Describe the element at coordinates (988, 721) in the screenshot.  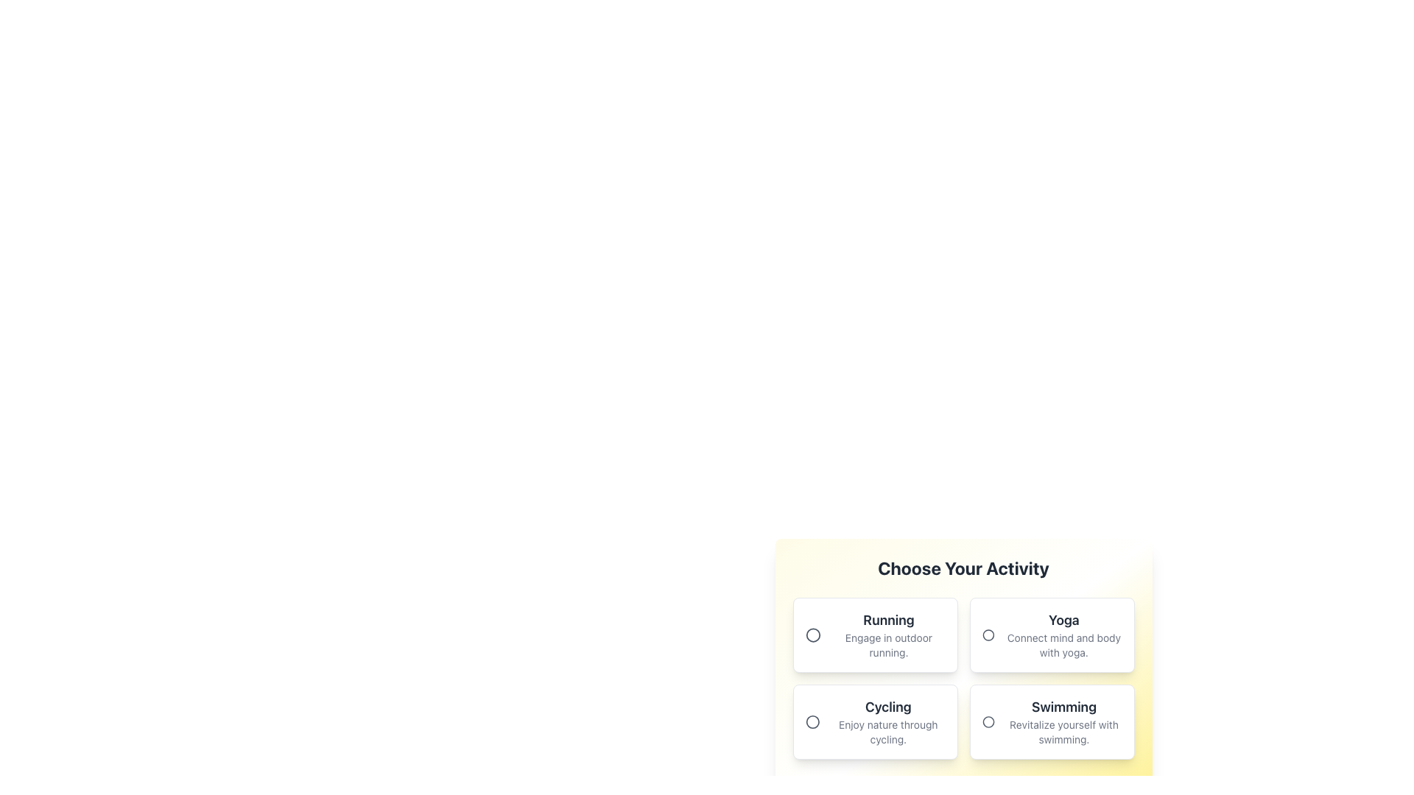
I see `the 'Swimming' button by clicking on the SVG graphical element that serves as its icon, located in the bottom-right corner of the grid of options under 'Choose Your Activity.'` at that location.